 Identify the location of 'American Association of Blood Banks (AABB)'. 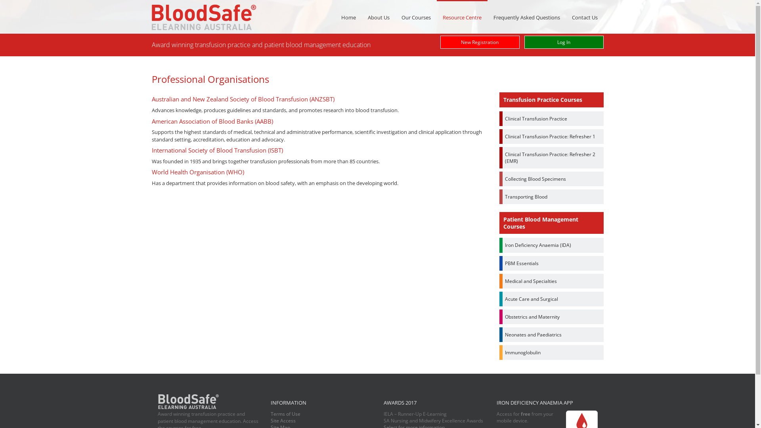
(212, 121).